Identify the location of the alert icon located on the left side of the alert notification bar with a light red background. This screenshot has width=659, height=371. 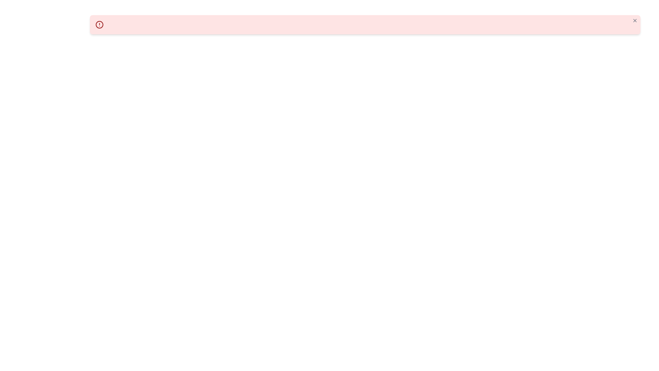
(99, 24).